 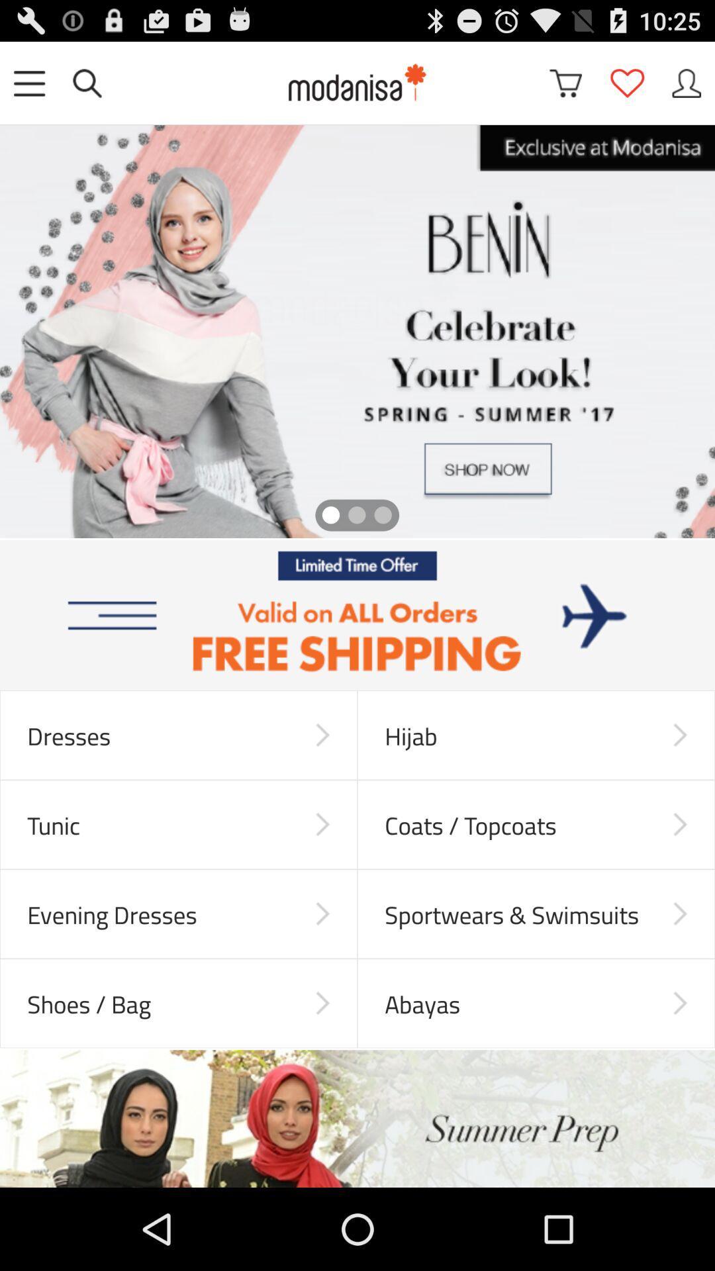 I want to click on to cart, so click(x=565, y=82).